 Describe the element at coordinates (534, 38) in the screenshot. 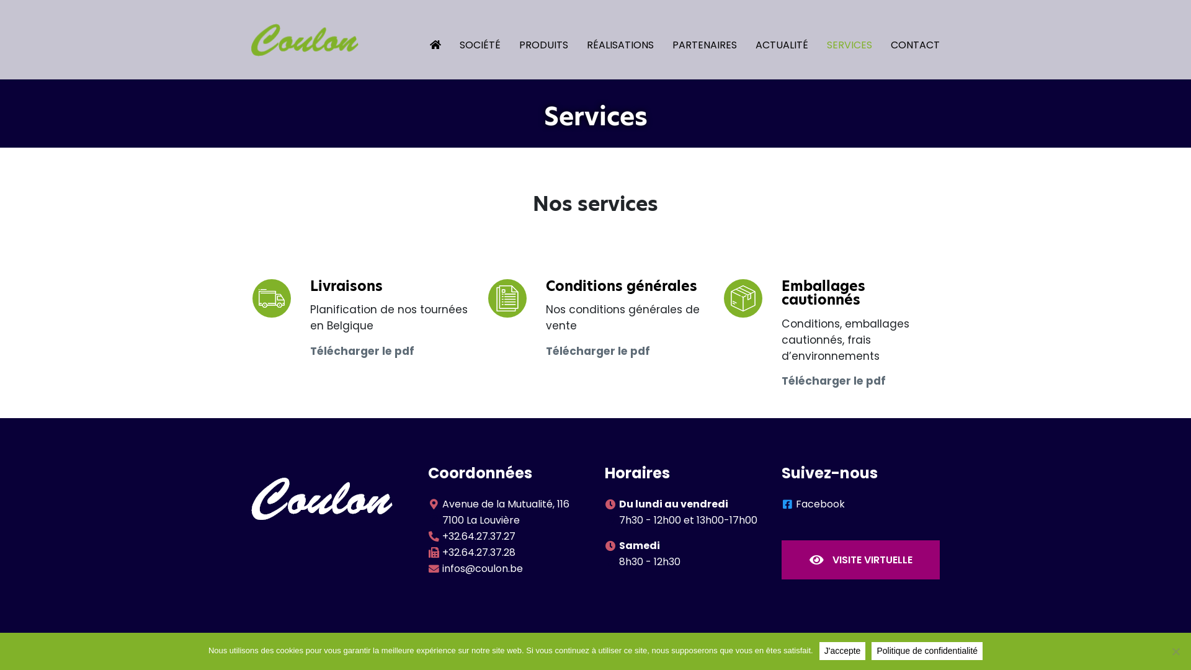

I see `'PRODUITS'` at that location.